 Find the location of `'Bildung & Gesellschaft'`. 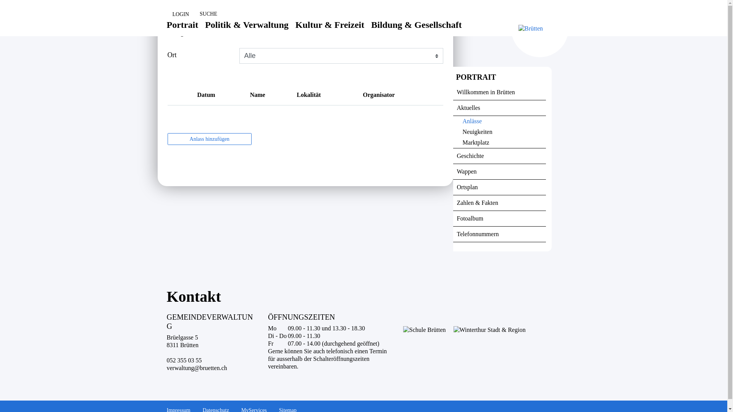

'Bildung & Gesellschaft' is located at coordinates (416, 31).